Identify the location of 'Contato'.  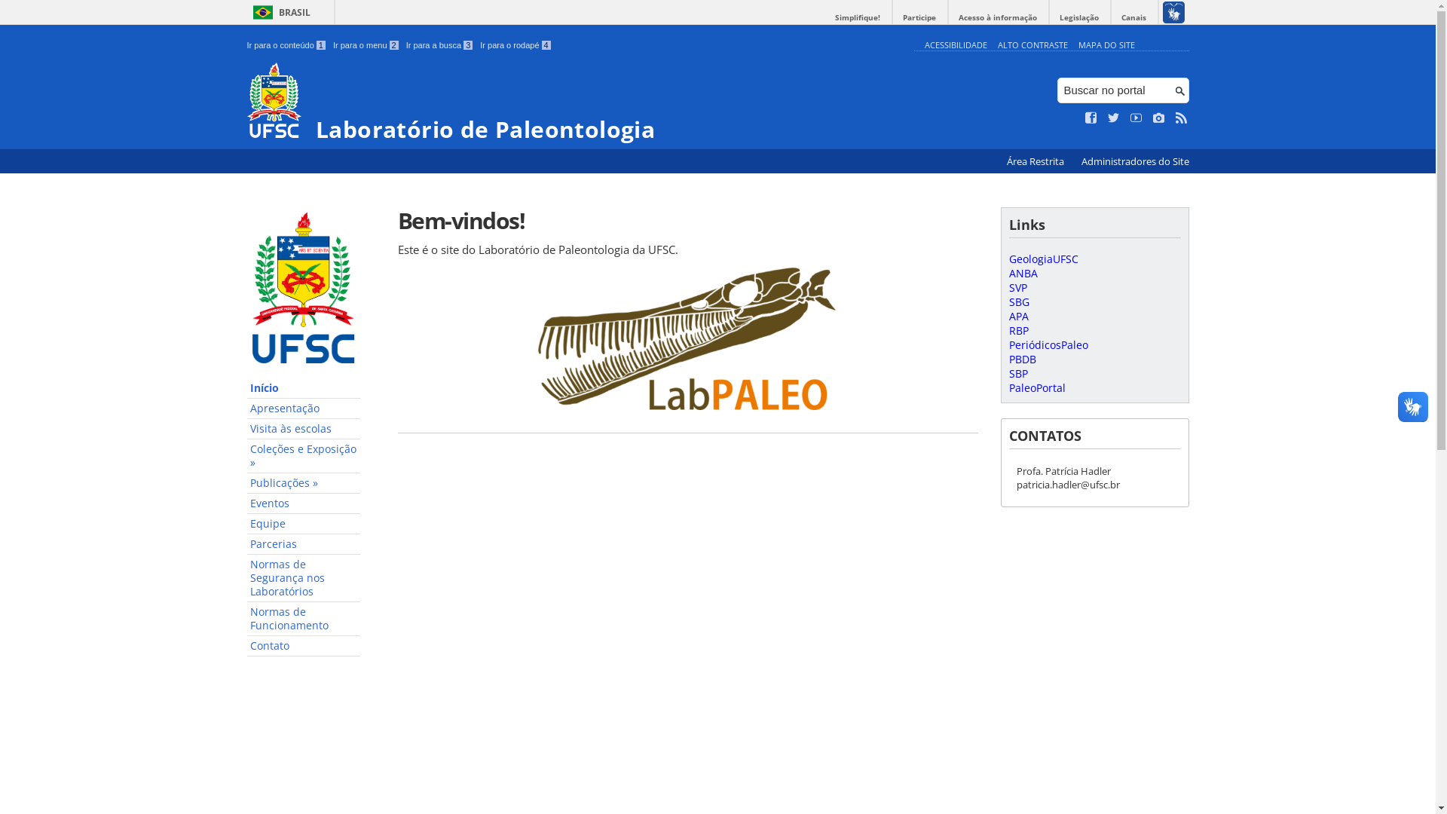
(303, 645).